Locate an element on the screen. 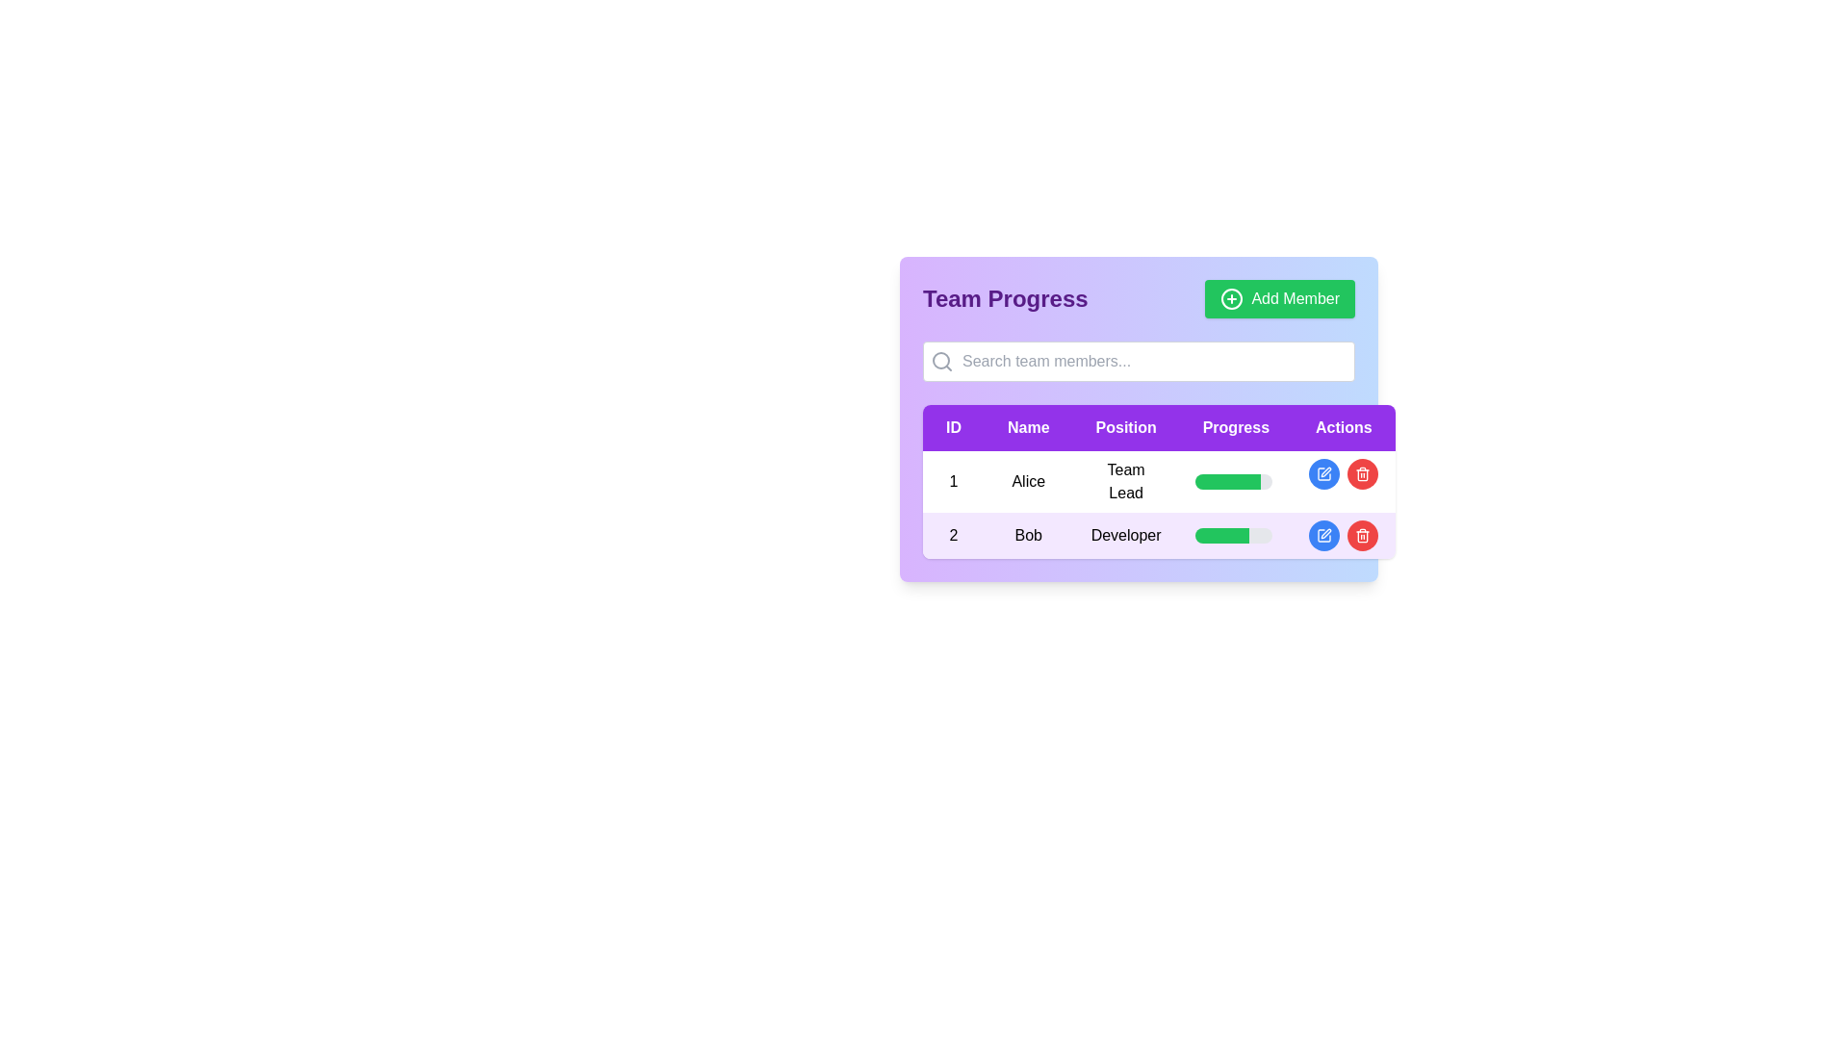 The width and height of the screenshot is (1848, 1039). the progress bar associated with Bob in the 'Progress' column of the table, located between the 'Position' and 'Actions' columns is located at coordinates (1233, 535).